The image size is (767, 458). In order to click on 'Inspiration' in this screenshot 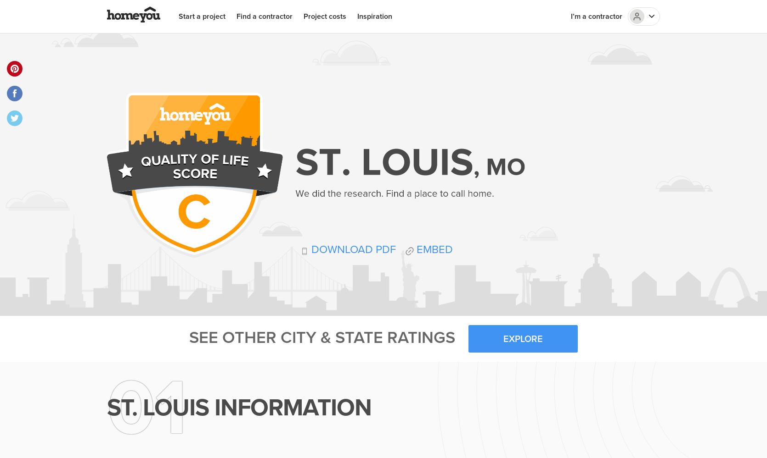, I will do `click(374, 16)`.